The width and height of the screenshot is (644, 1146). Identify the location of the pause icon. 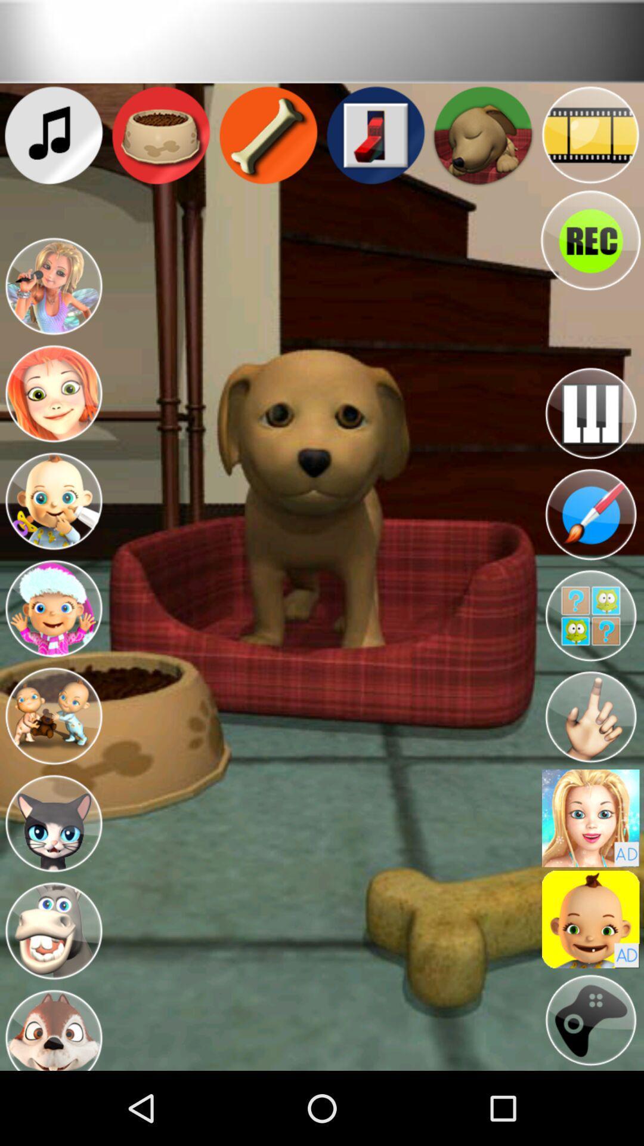
(590, 442).